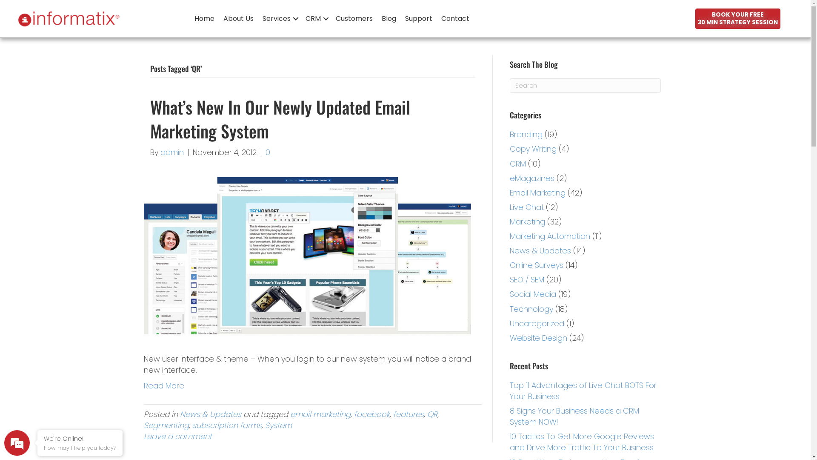 The width and height of the screenshot is (817, 460). Describe the element at coordinates (455, 18) in the screenshot. I see `'Contact'` at that location.